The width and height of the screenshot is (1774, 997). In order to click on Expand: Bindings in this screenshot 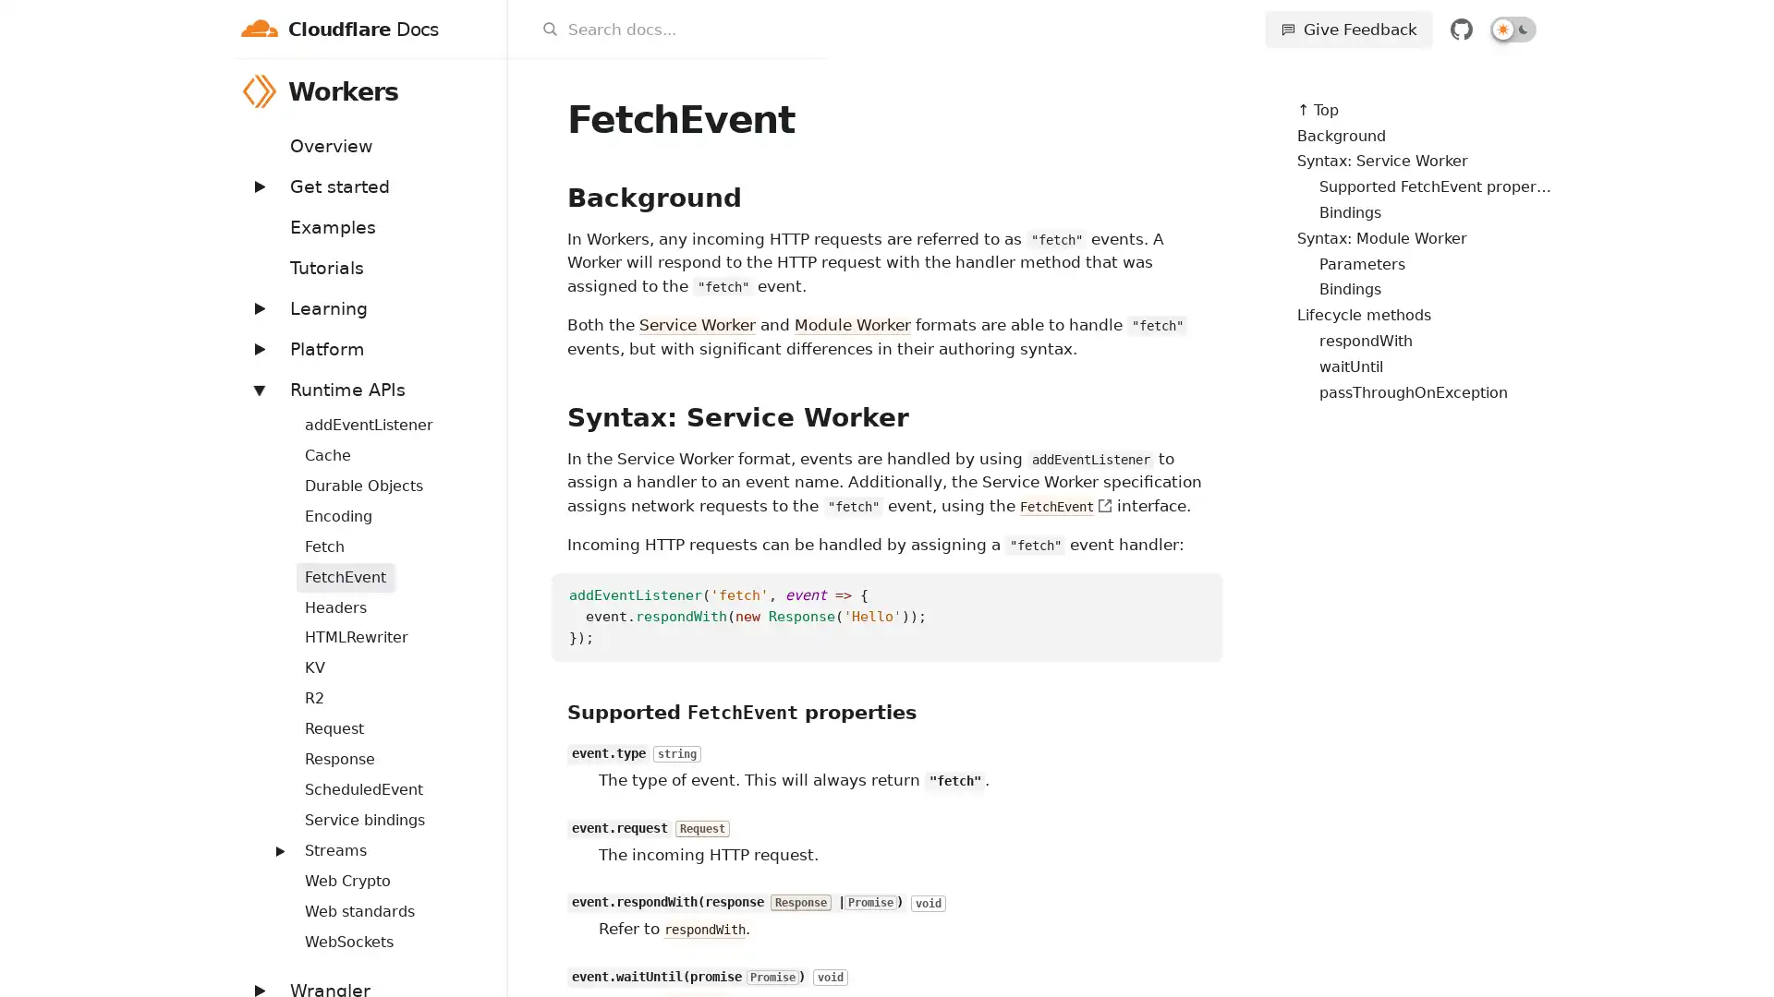, I will do `click(269, 413)`.